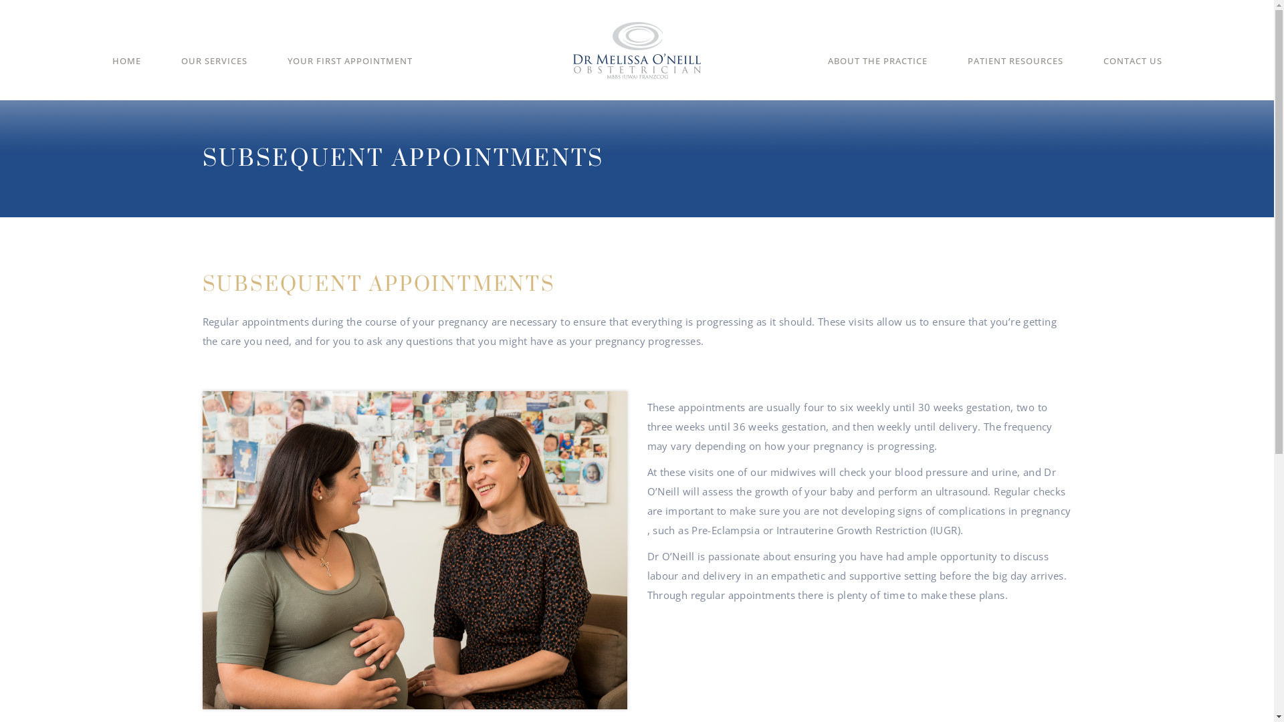  What do you see at coordinates (126, 70) in the screenshot?
I see `'HOME'` at bounding box center [126, 70].